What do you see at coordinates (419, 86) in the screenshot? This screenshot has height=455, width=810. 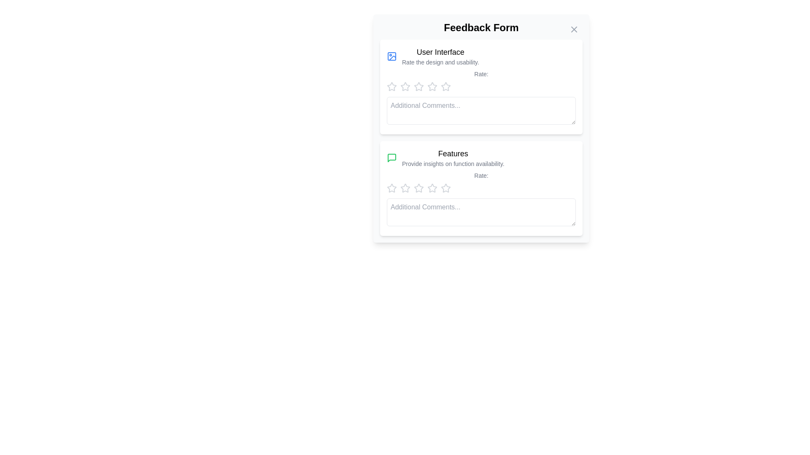 I see `the fourth star icon` at bounding box center [419, 86].